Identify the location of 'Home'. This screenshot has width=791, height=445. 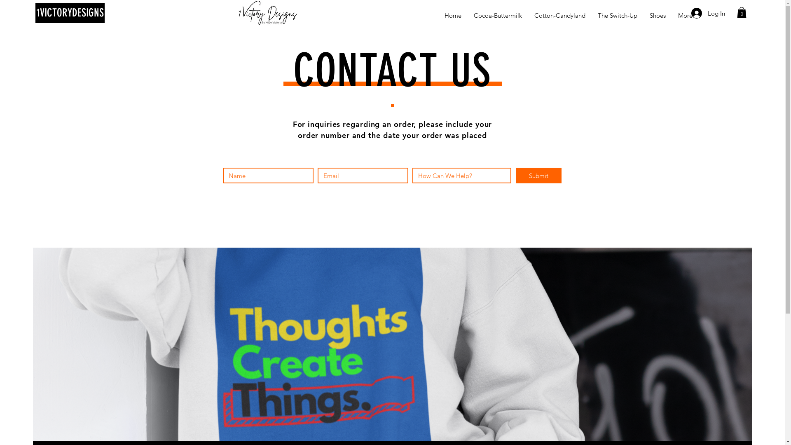
(438, 15).